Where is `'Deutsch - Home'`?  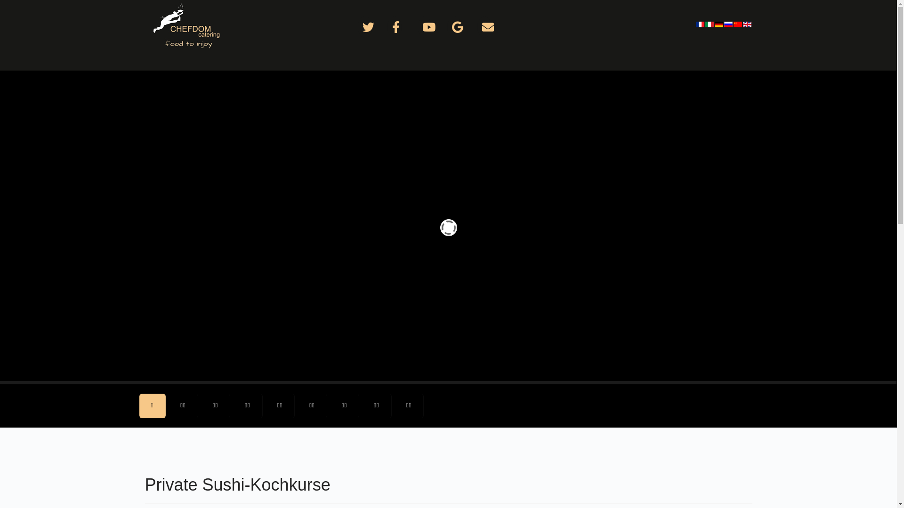
'Deutsch - Home' is located at coordinates (714, 24).